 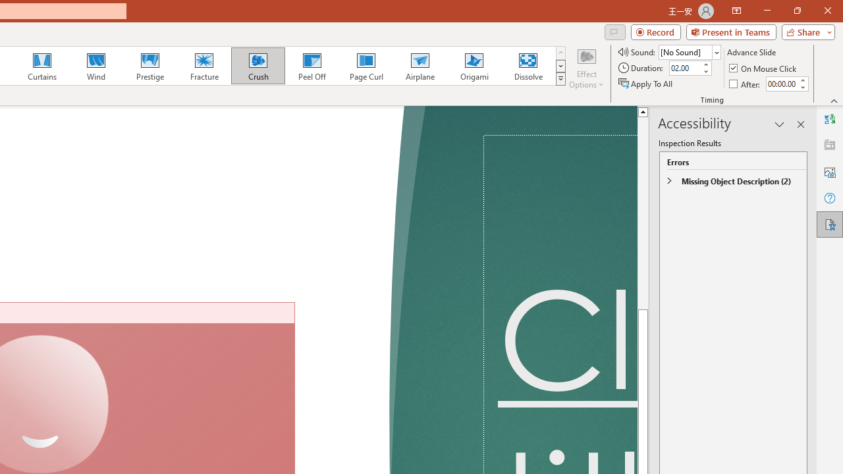 I want to click on 'Prestige', so click(x=150, y=66).